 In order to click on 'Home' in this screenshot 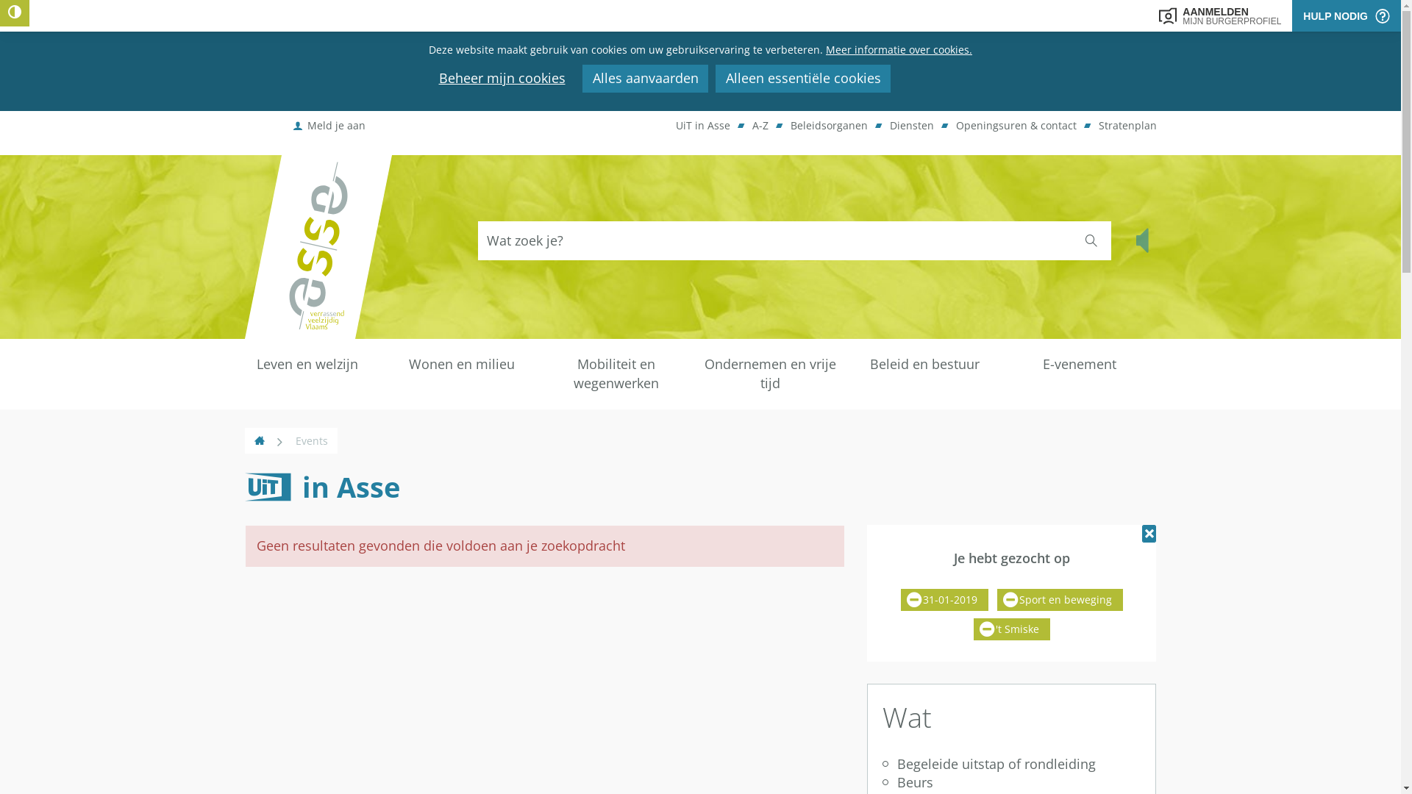, I will do `click(258, 440)`.